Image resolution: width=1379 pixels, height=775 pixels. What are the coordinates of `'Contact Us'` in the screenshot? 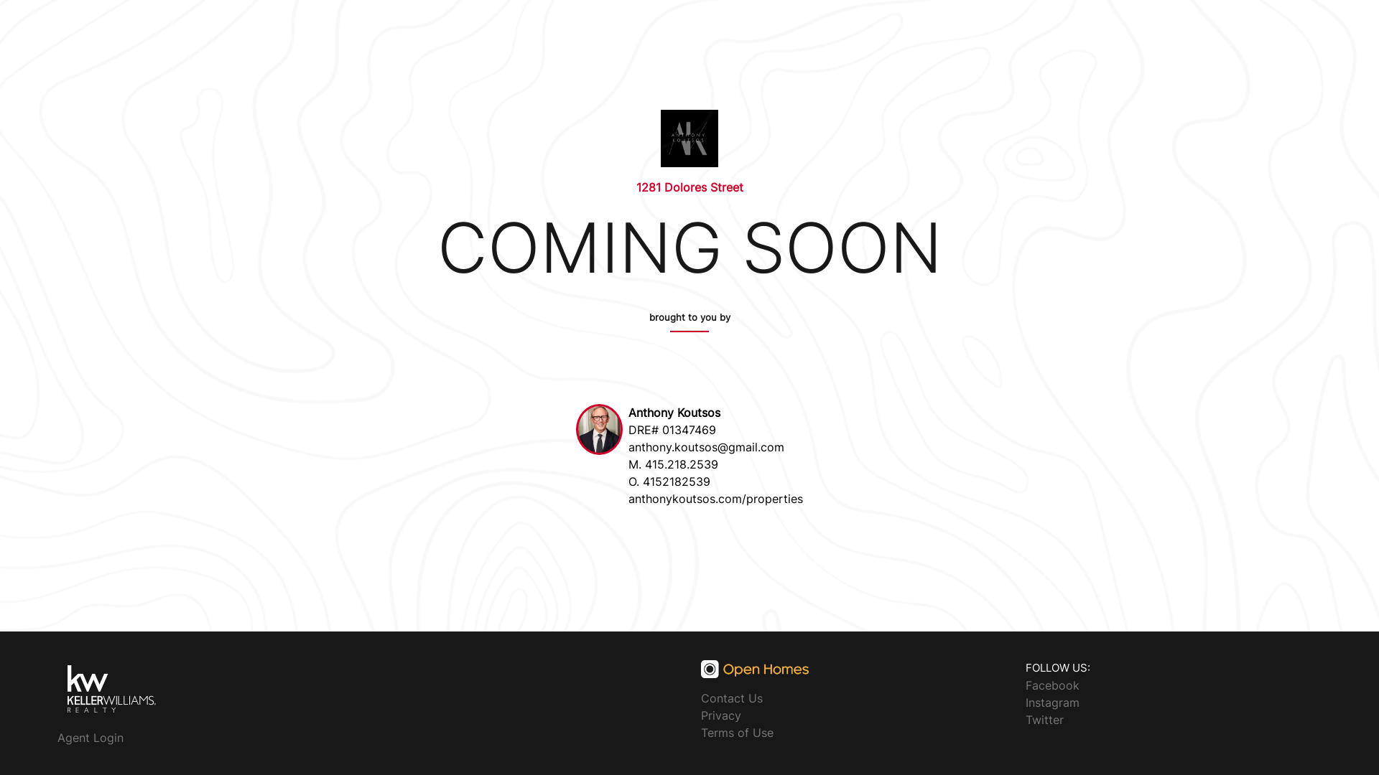 It's located at (700, 697).